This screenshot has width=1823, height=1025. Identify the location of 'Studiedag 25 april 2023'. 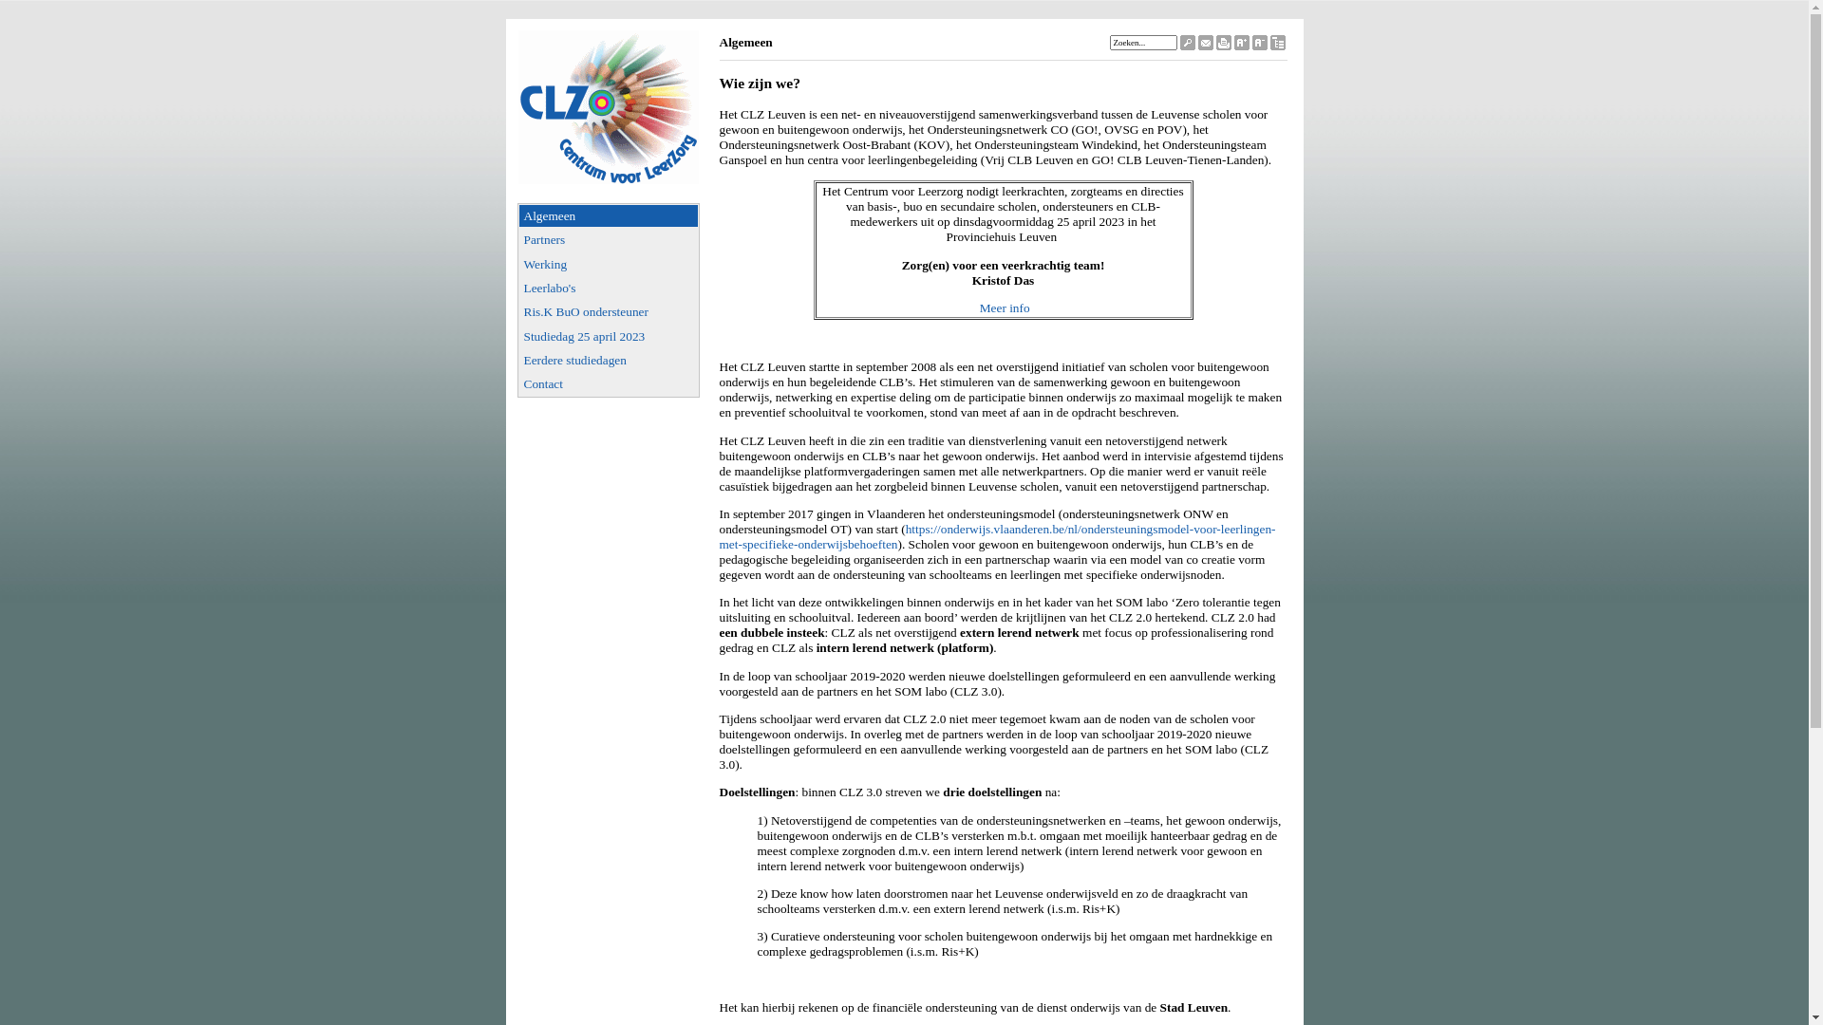
(609, 335).